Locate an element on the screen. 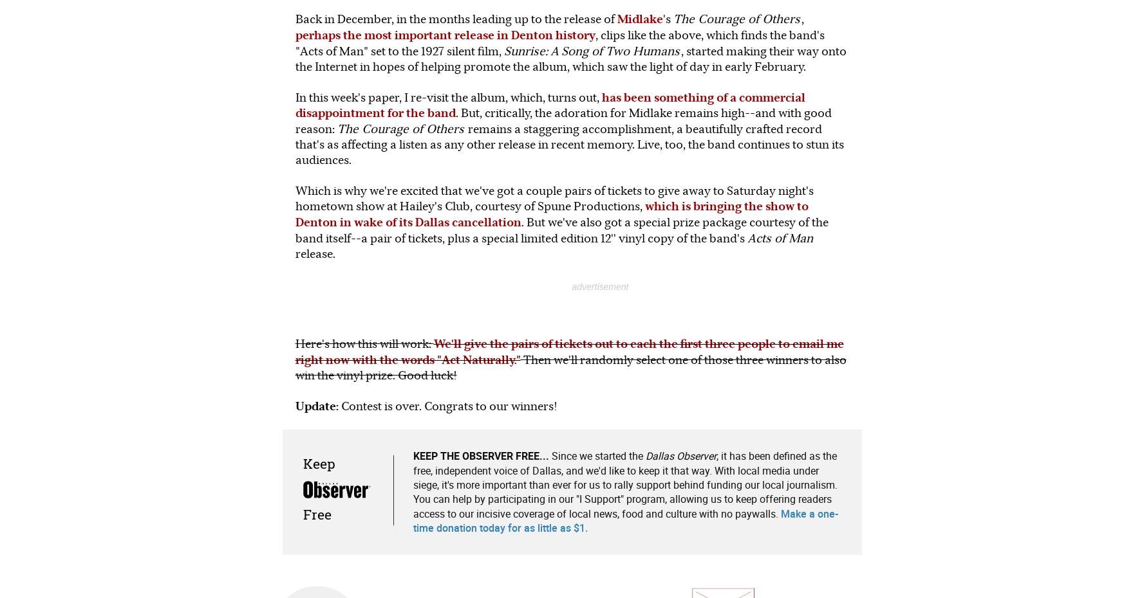  'In this week's paper, I re-visit the album, which, turns out,' is located at coordinates (447, 96).